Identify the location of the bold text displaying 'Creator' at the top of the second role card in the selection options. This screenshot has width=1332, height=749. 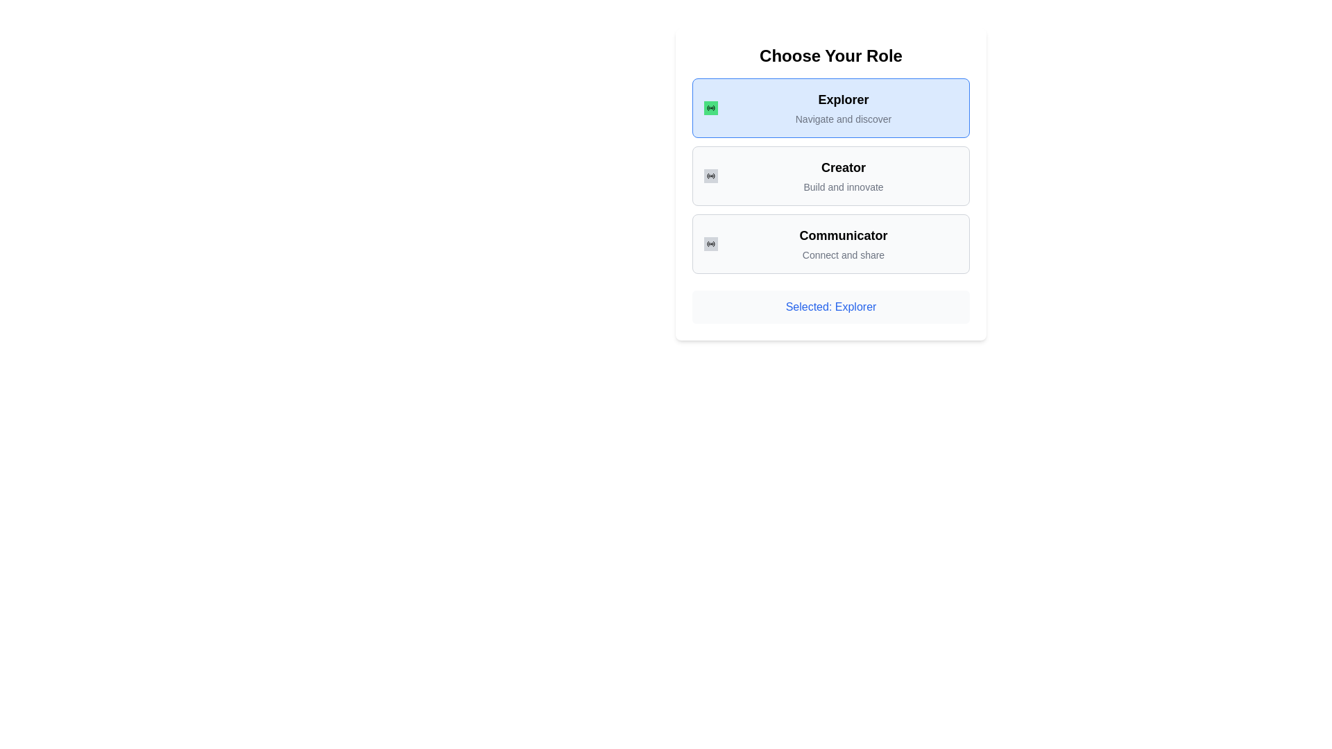
(842, 167).